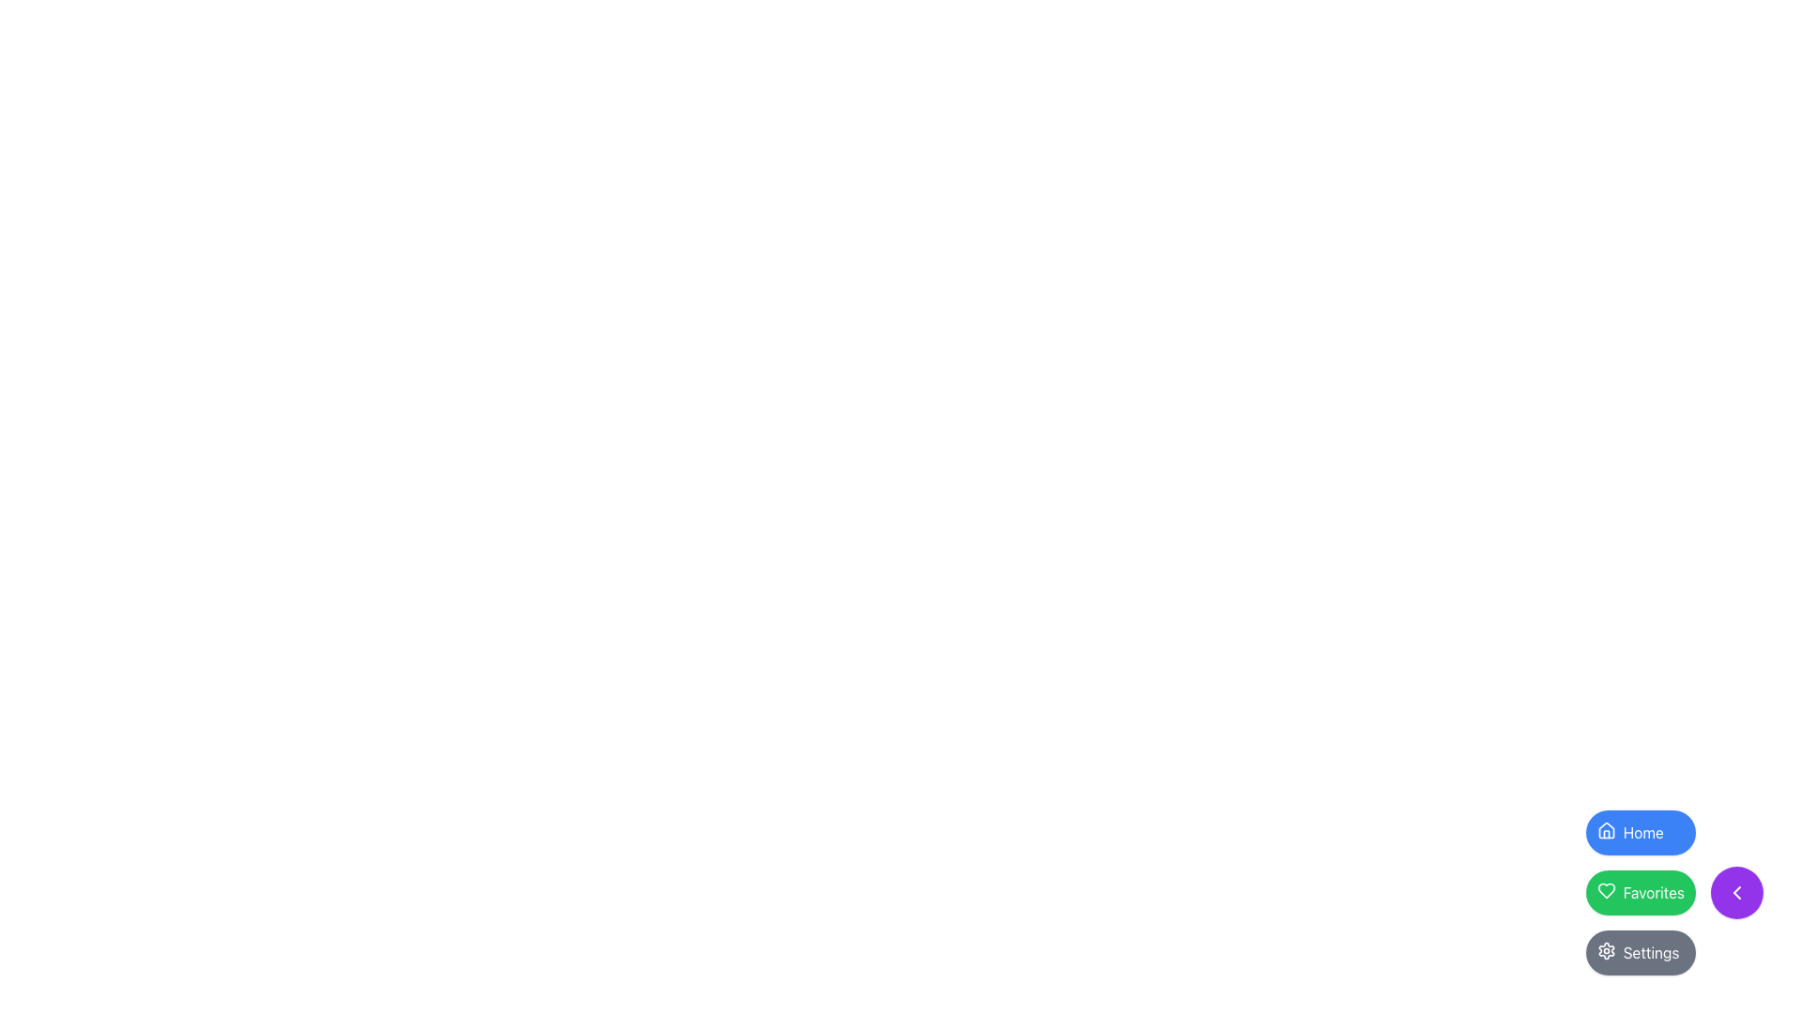  What do you see at coordinates (1651, 952) in the screenshot?
I see `the 'Settings' label styled in white font on a gray circular background` at bounding box center [1651, 952].